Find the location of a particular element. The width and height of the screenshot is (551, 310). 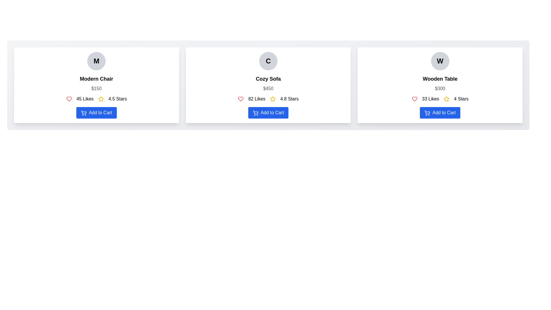

the button that adds the 'Cozy Sofa' product to the cart is located at coordinates (268, 113).